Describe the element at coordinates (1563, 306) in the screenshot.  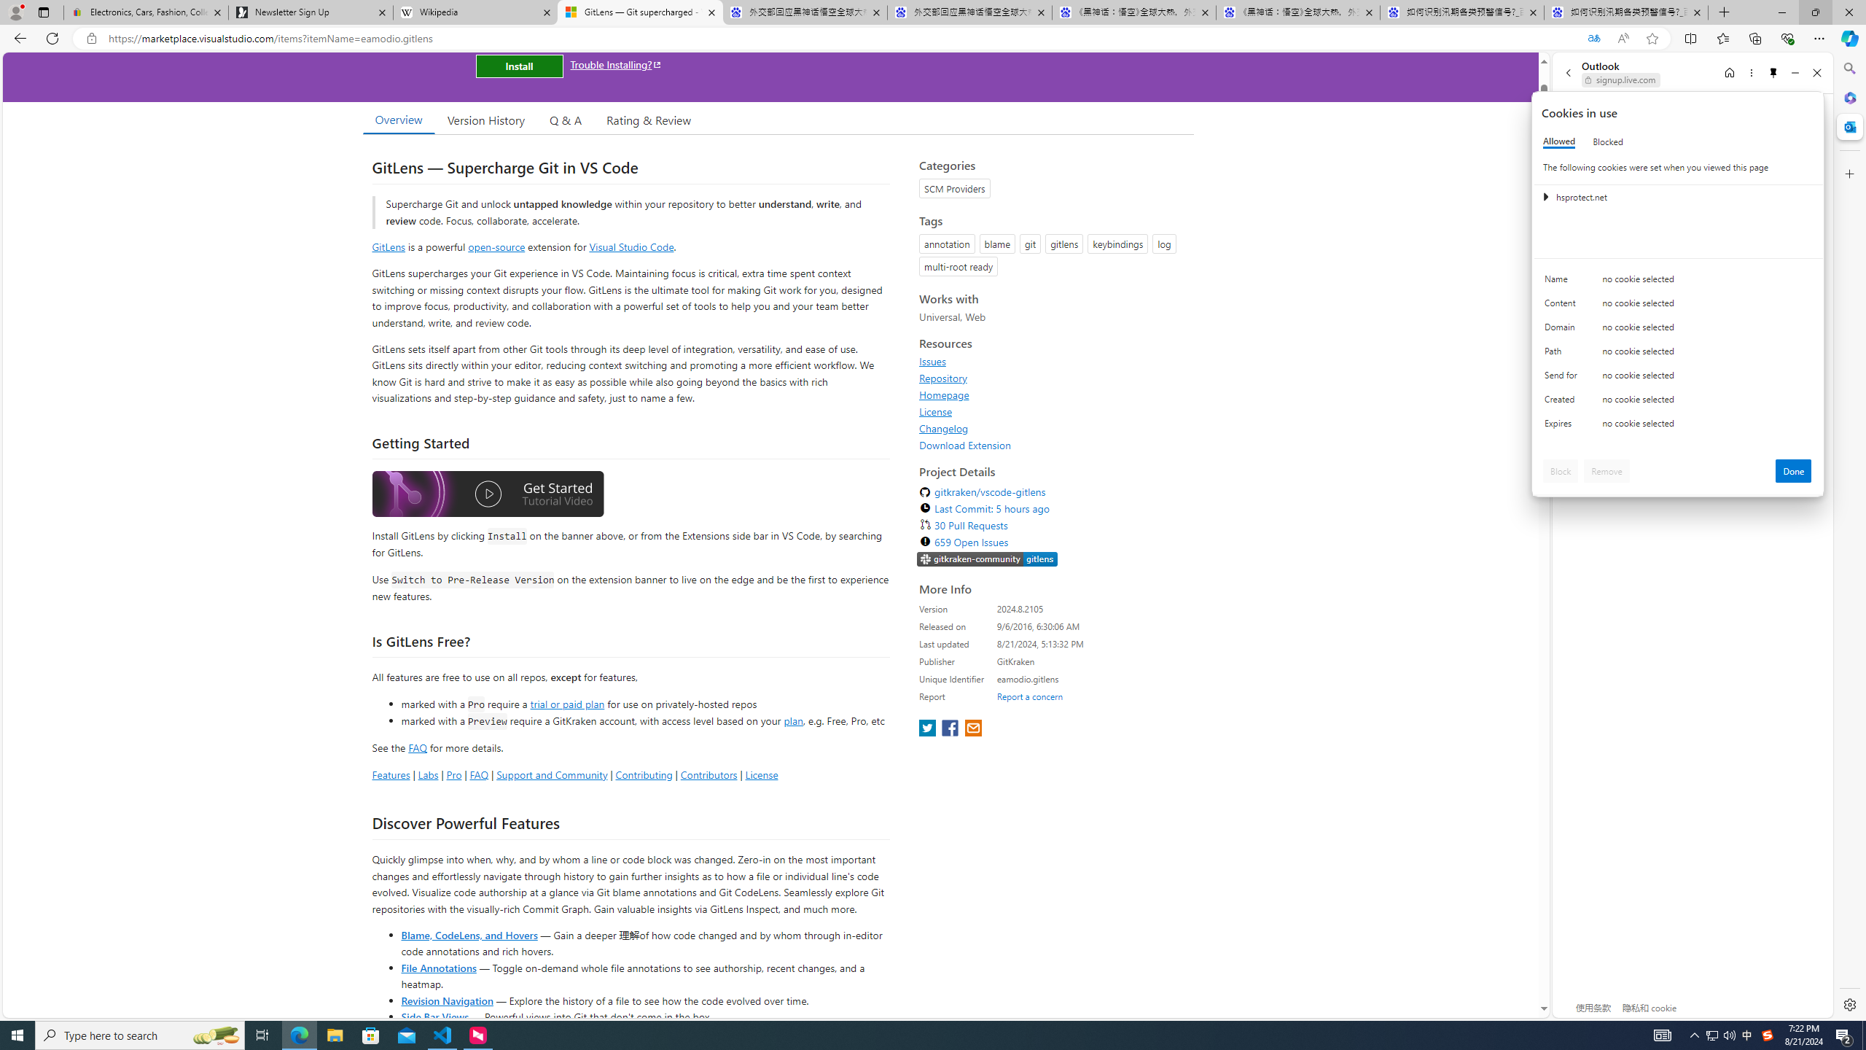
I see `'Content'` at that location.